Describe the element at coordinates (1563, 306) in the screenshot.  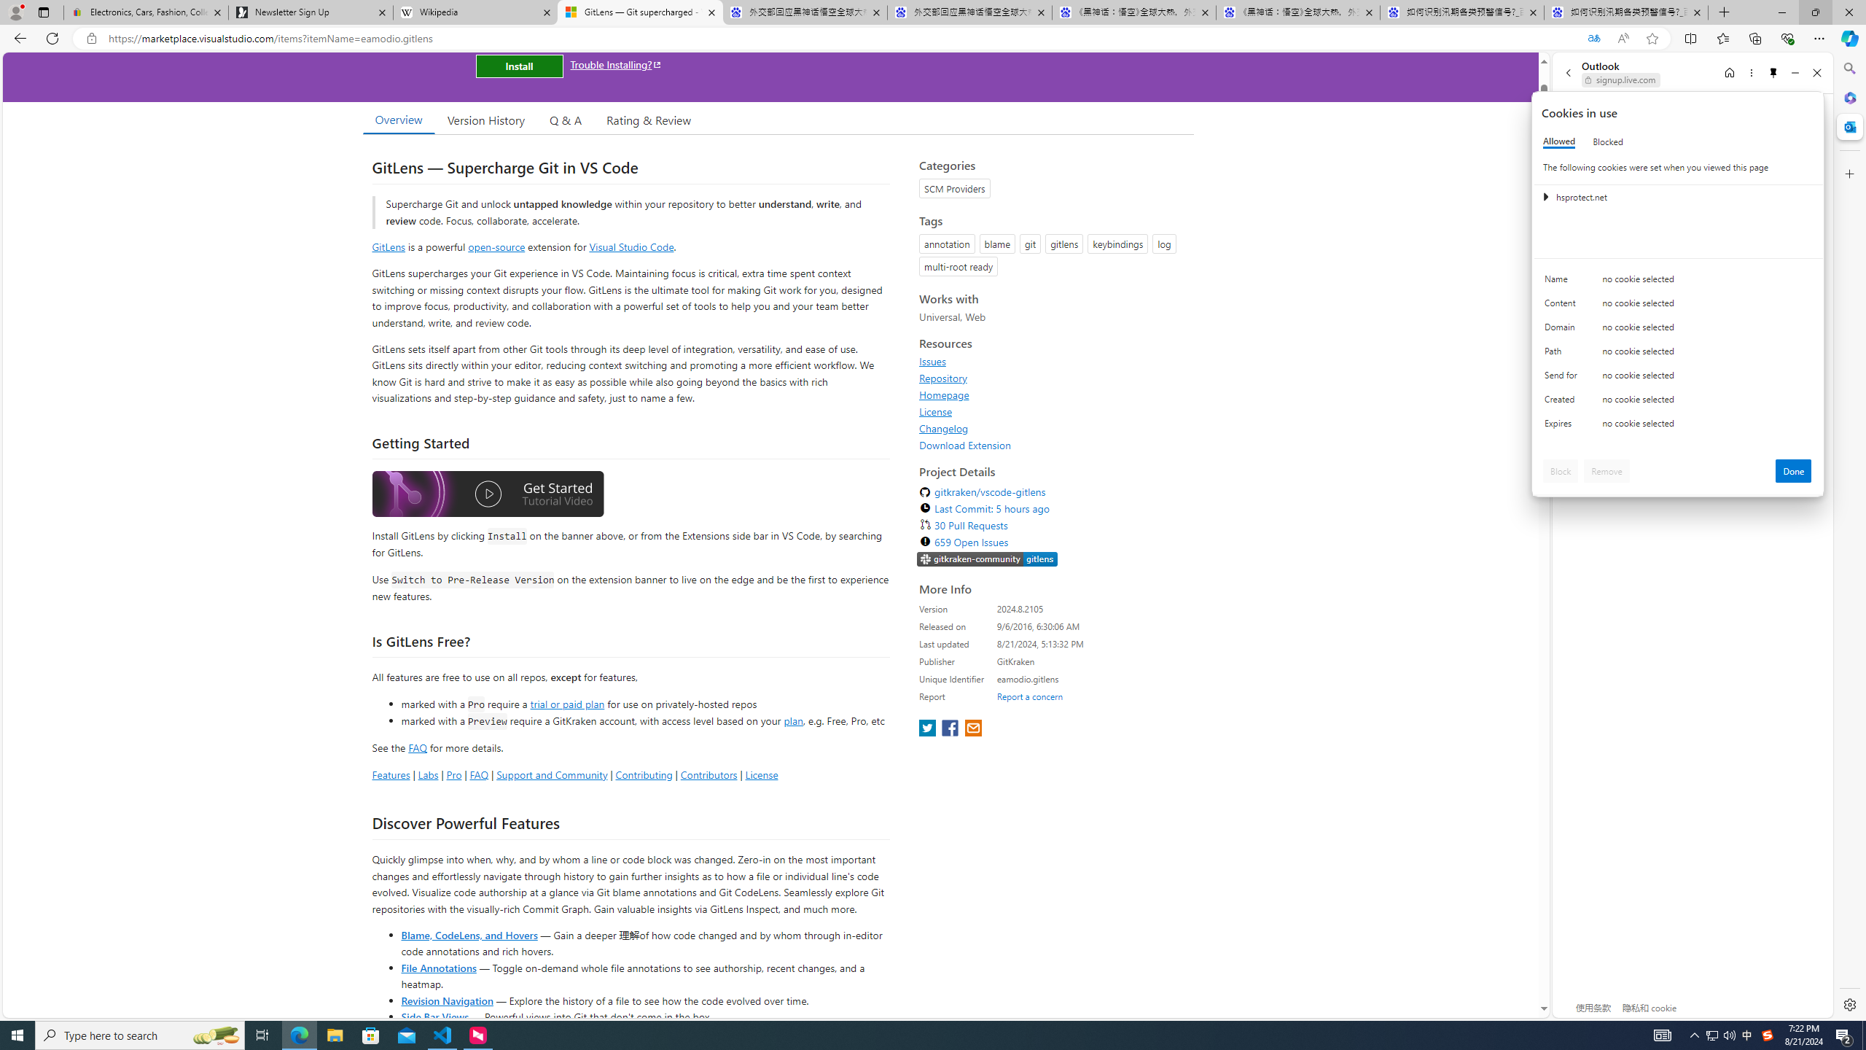
I see `'Content'` at that location.